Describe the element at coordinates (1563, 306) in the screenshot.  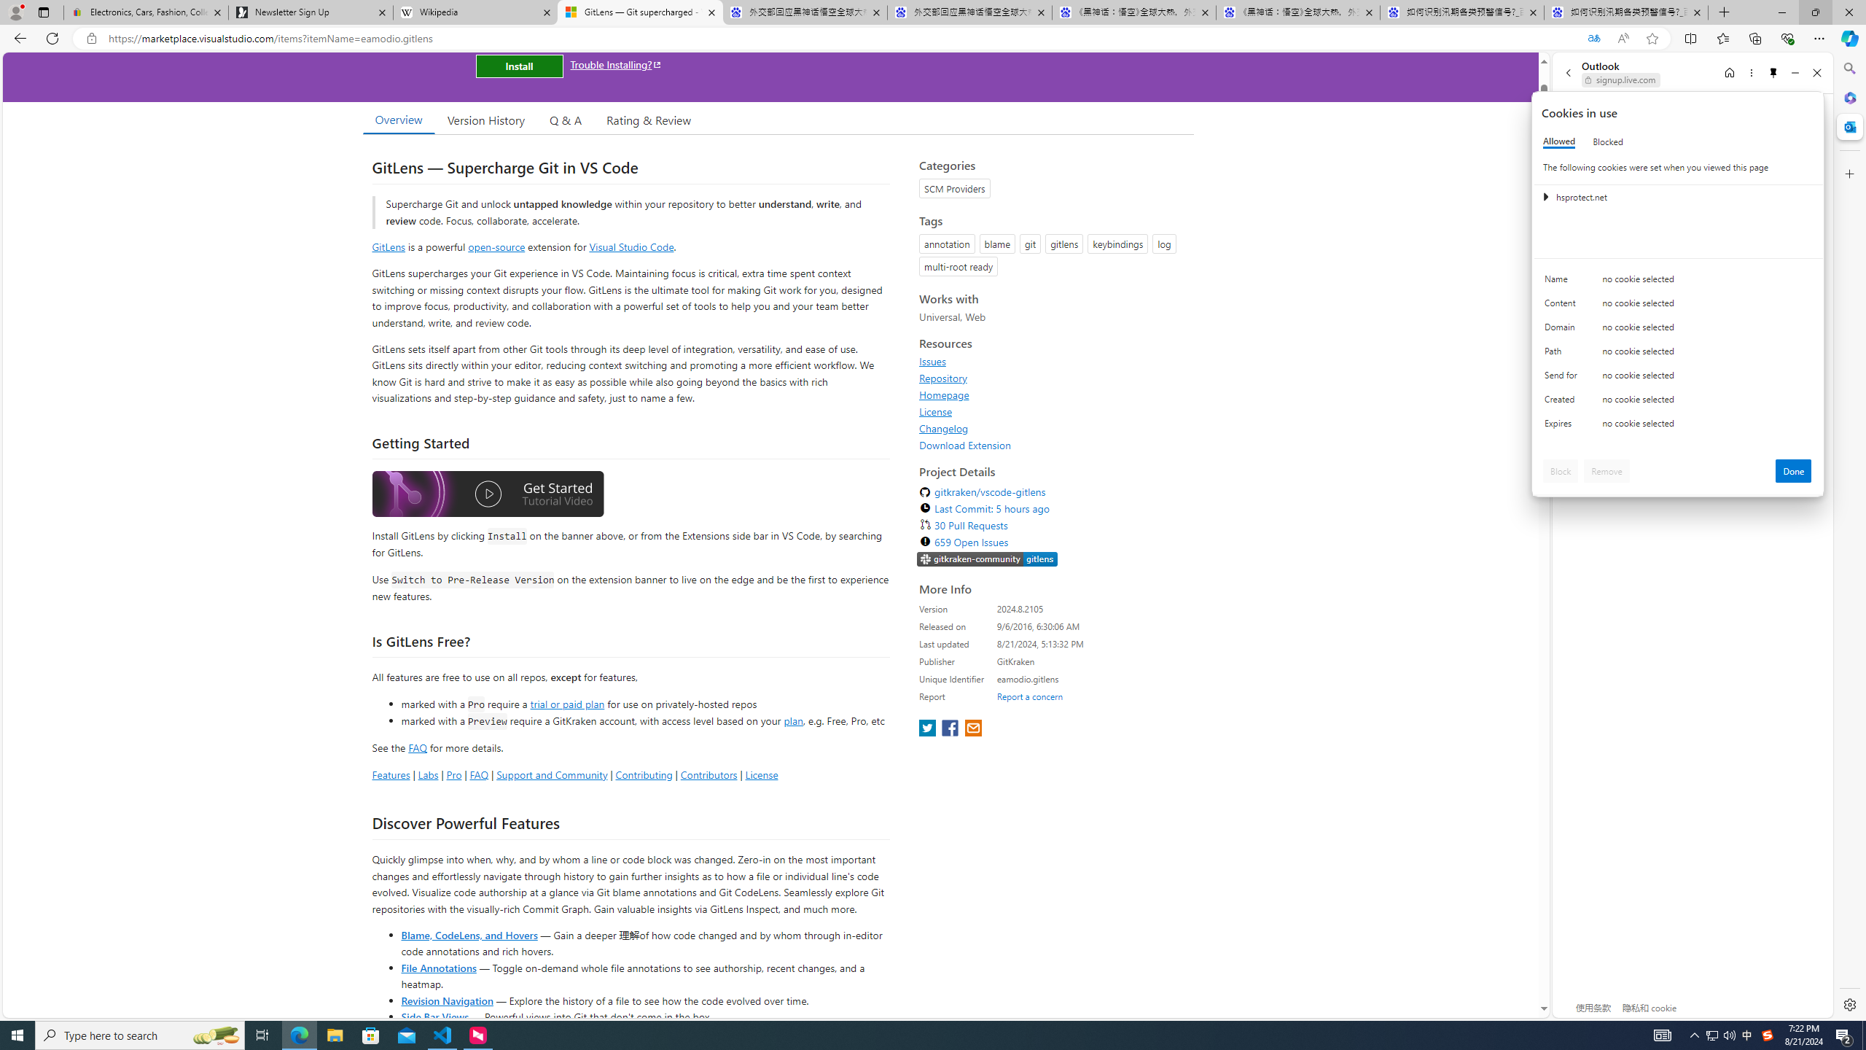
I see `'Content'` at that location.